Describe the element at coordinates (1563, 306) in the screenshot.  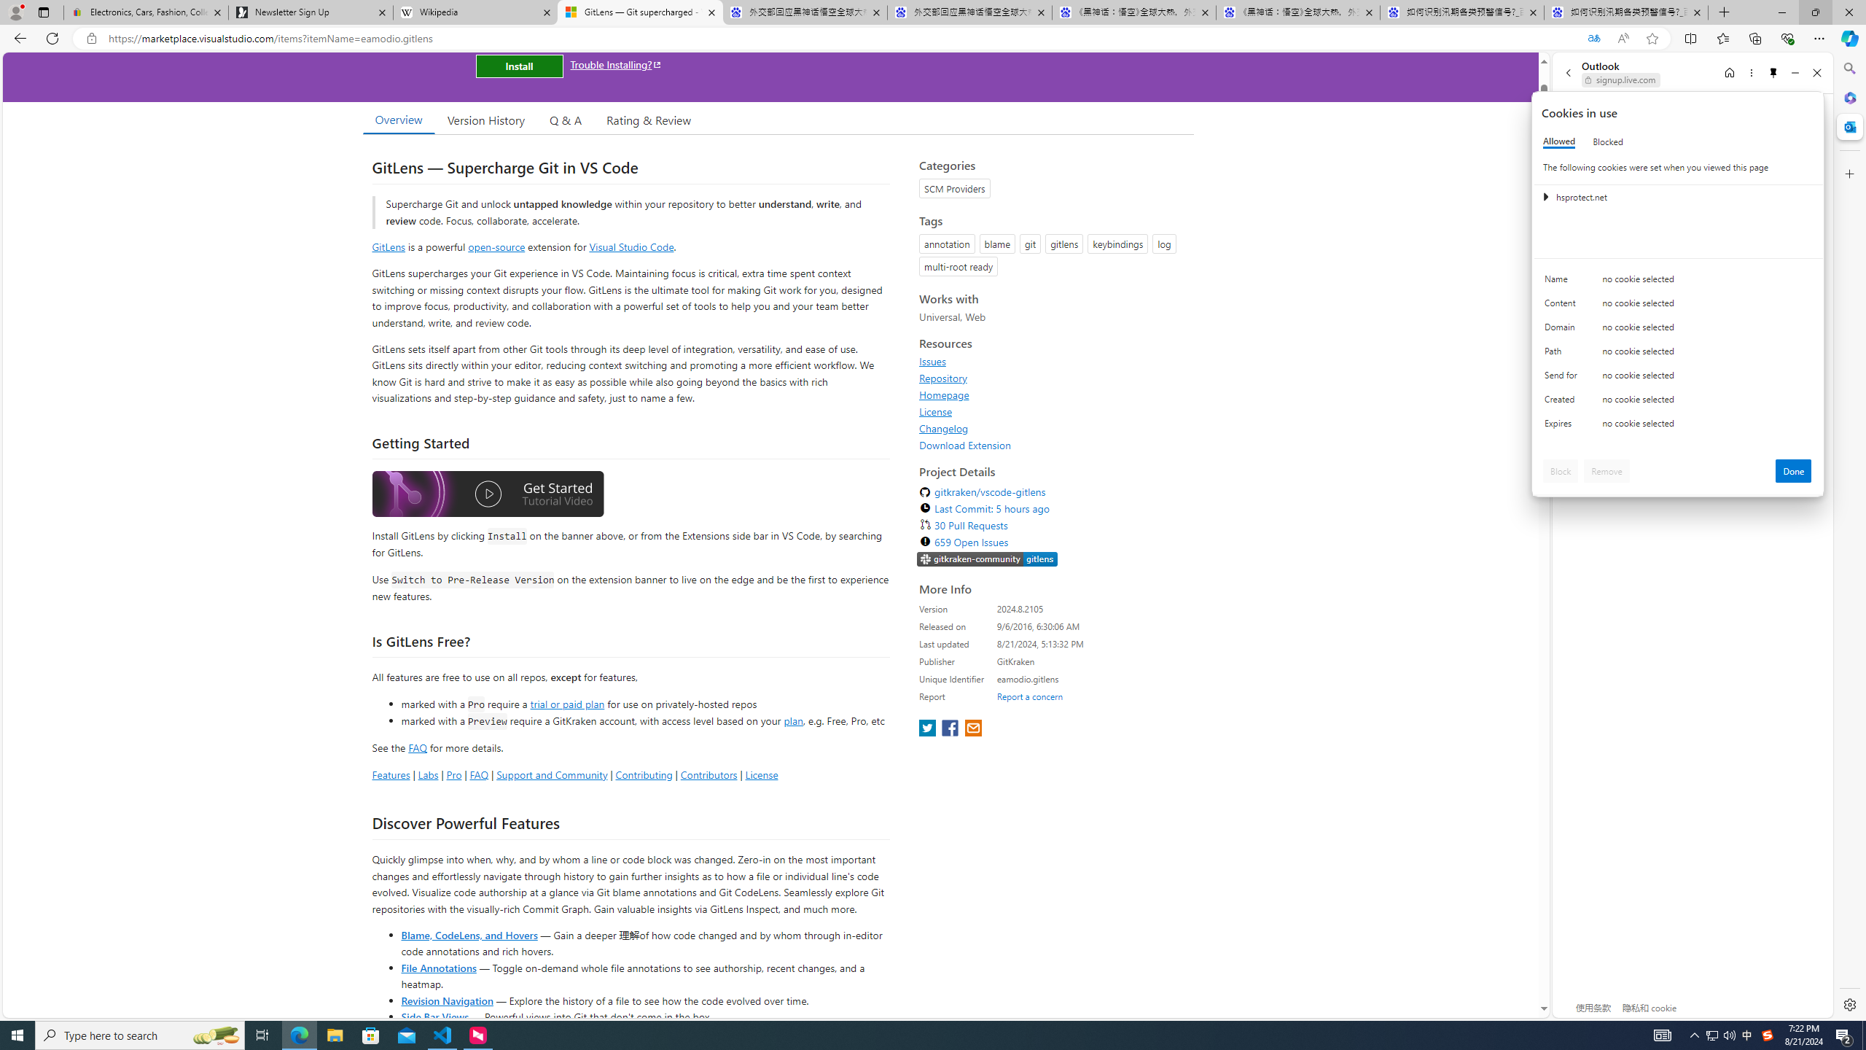
I see `'Content'` at that location.